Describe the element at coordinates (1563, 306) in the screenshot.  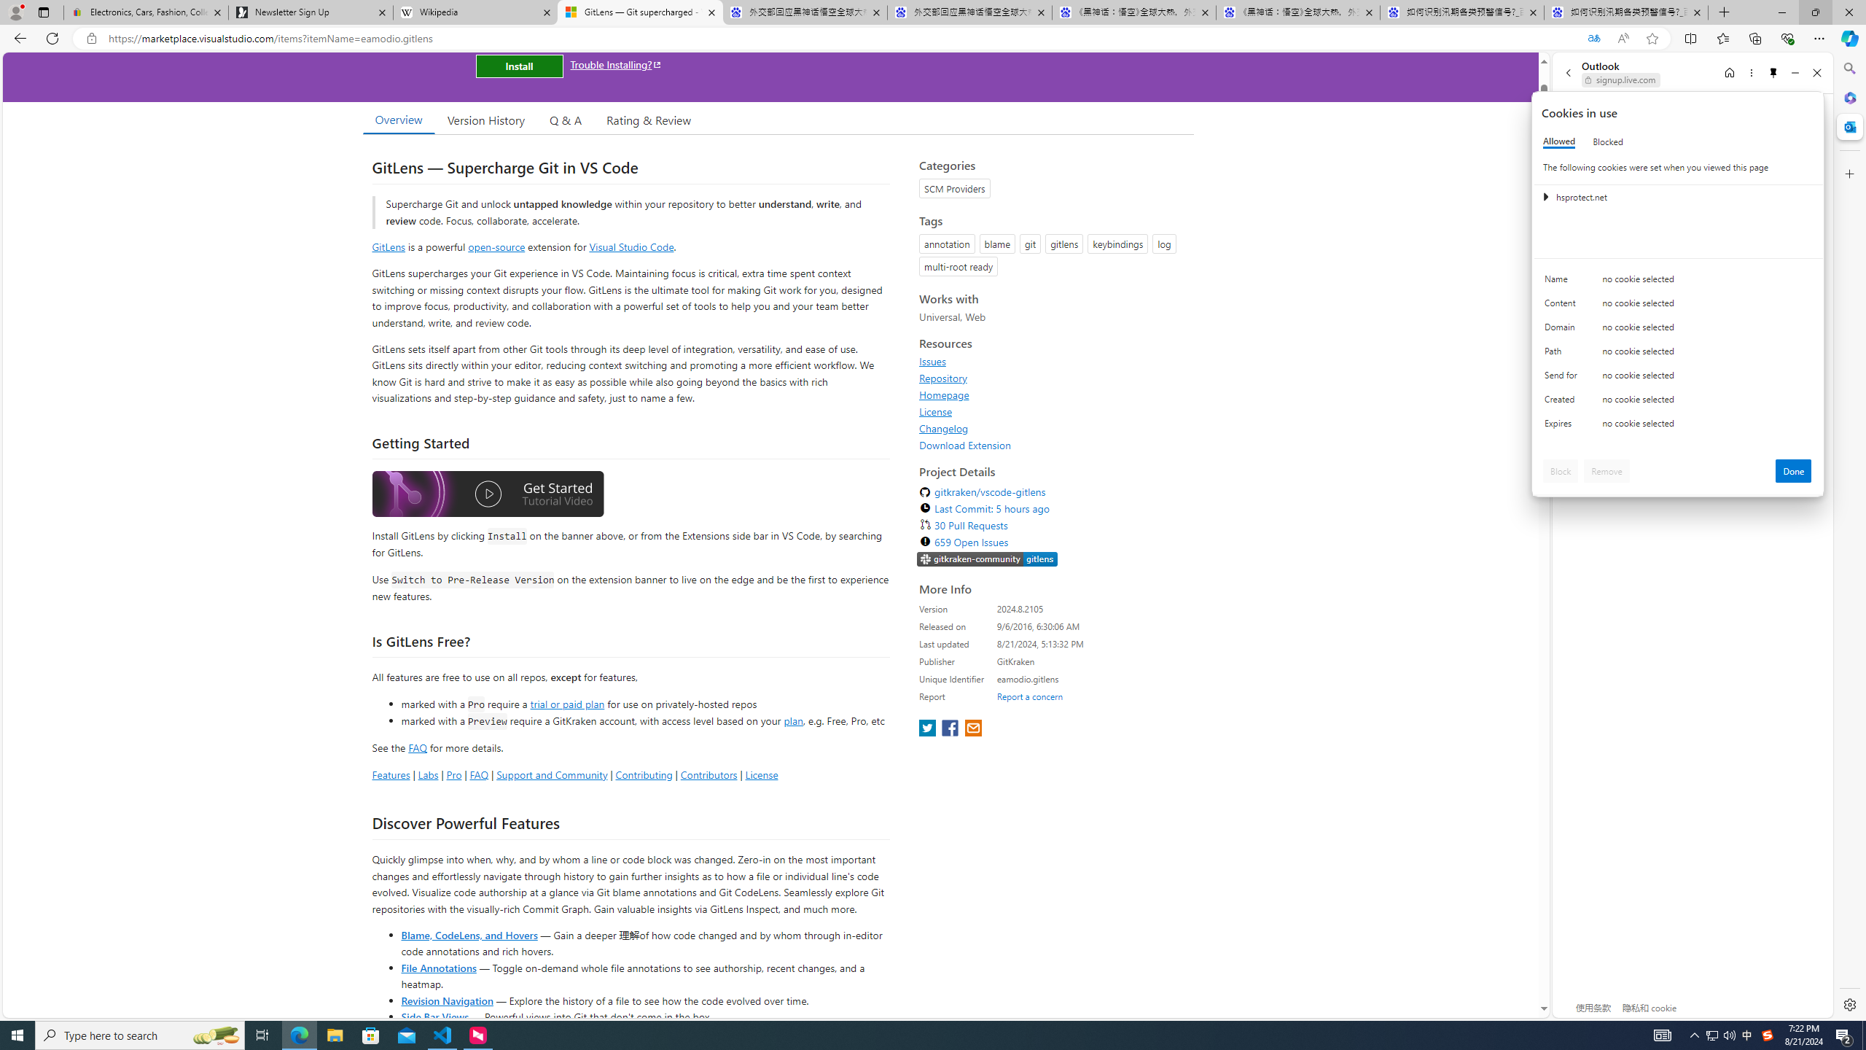
I see `'Content'` at that location.